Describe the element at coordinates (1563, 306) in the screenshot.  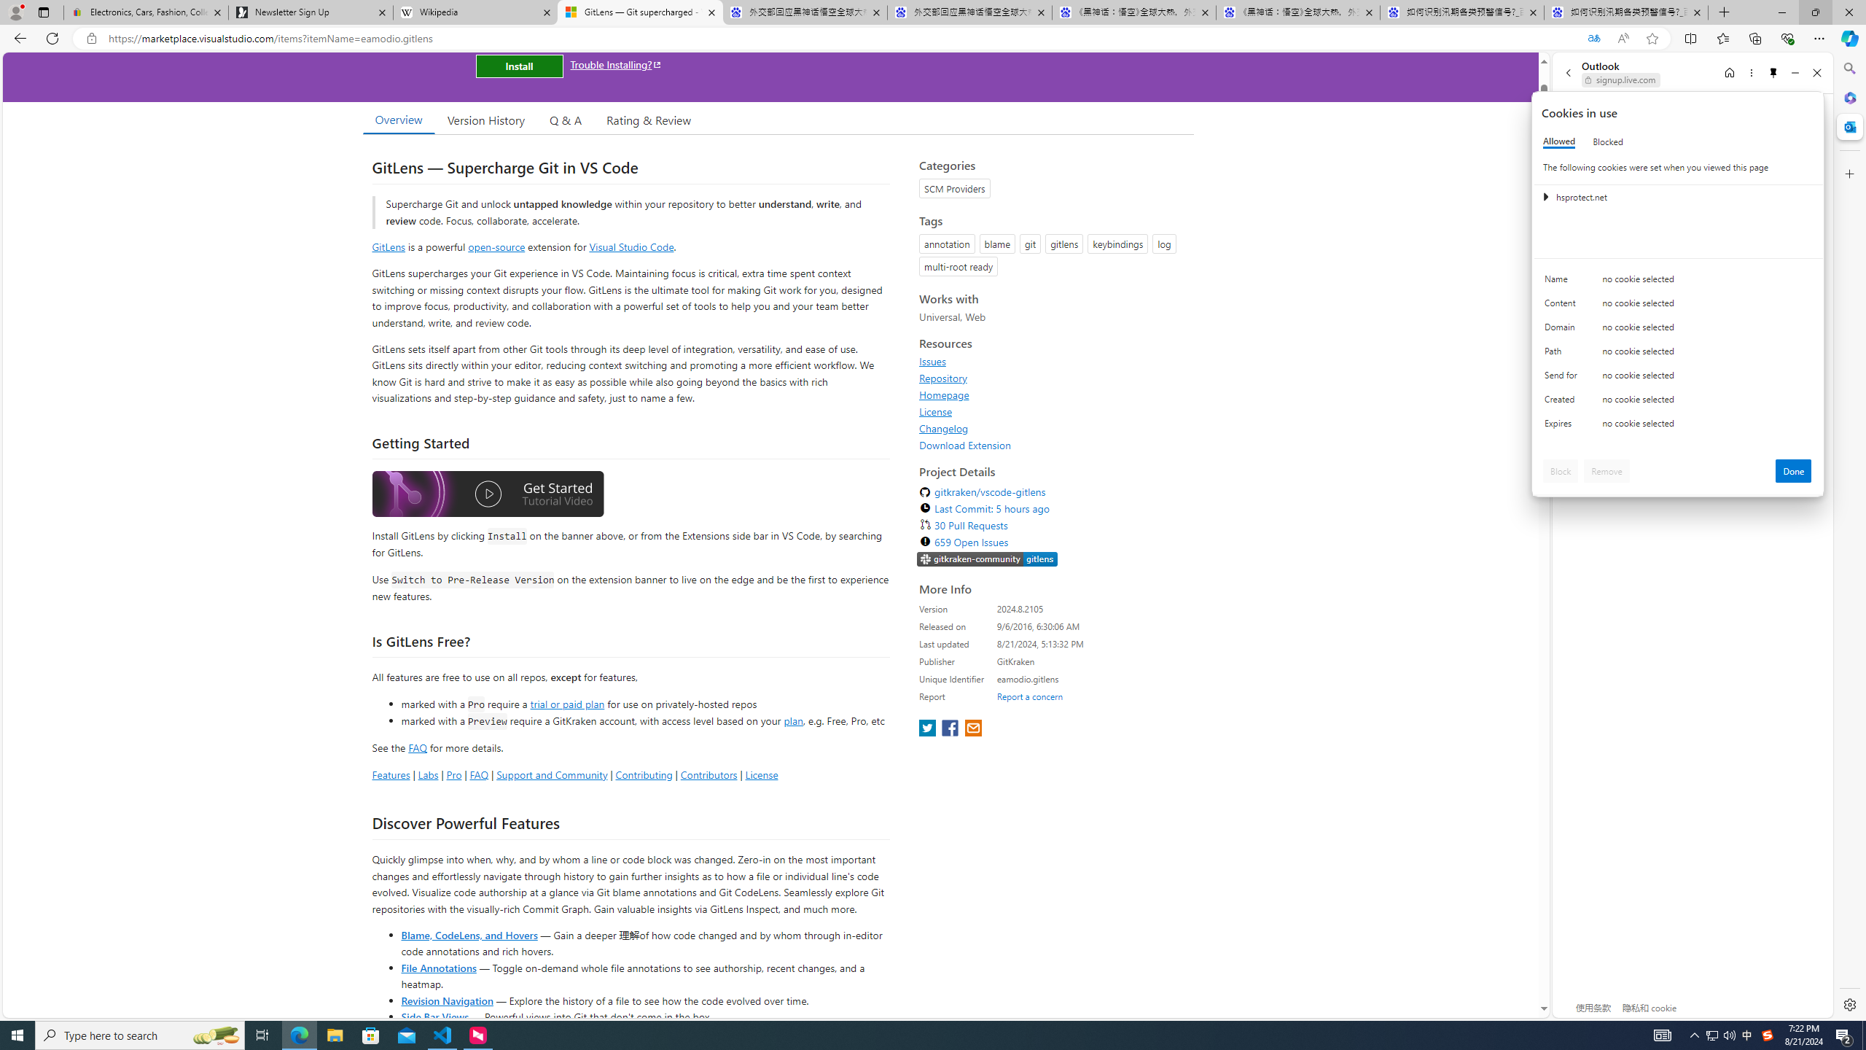
I see `'Content'` at that location.